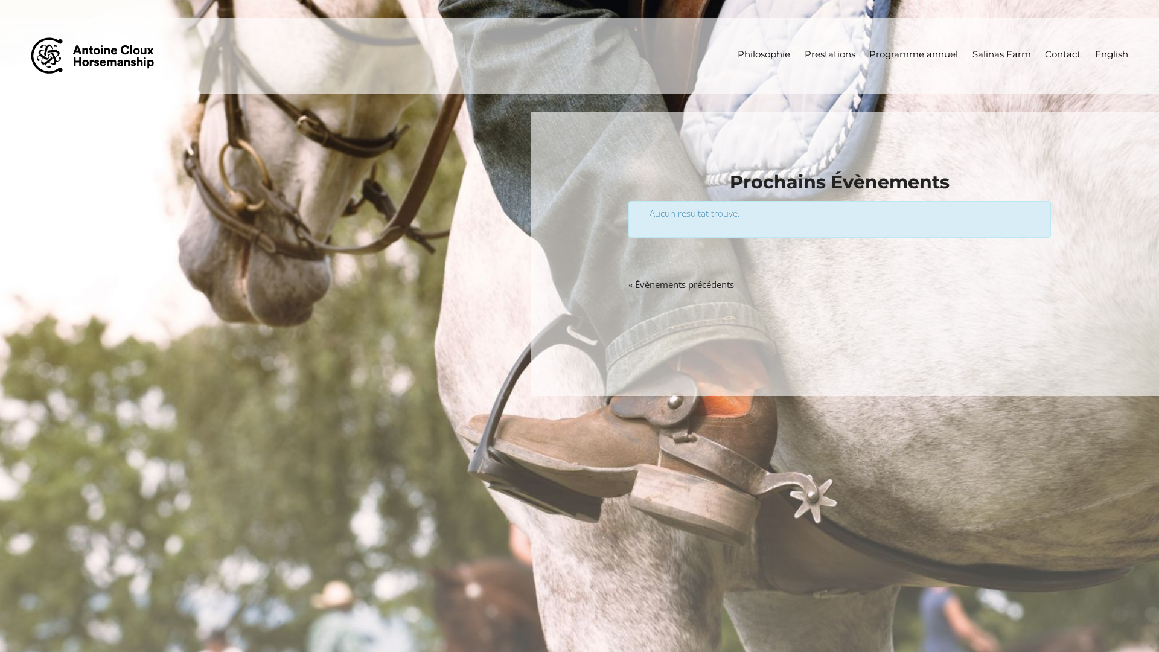 This screenshot has width=1159, height=652. What do you see at coordinates (862, 54) in the screenshot?
I see `'Programme annuel'` at bounding box center [862, 54].